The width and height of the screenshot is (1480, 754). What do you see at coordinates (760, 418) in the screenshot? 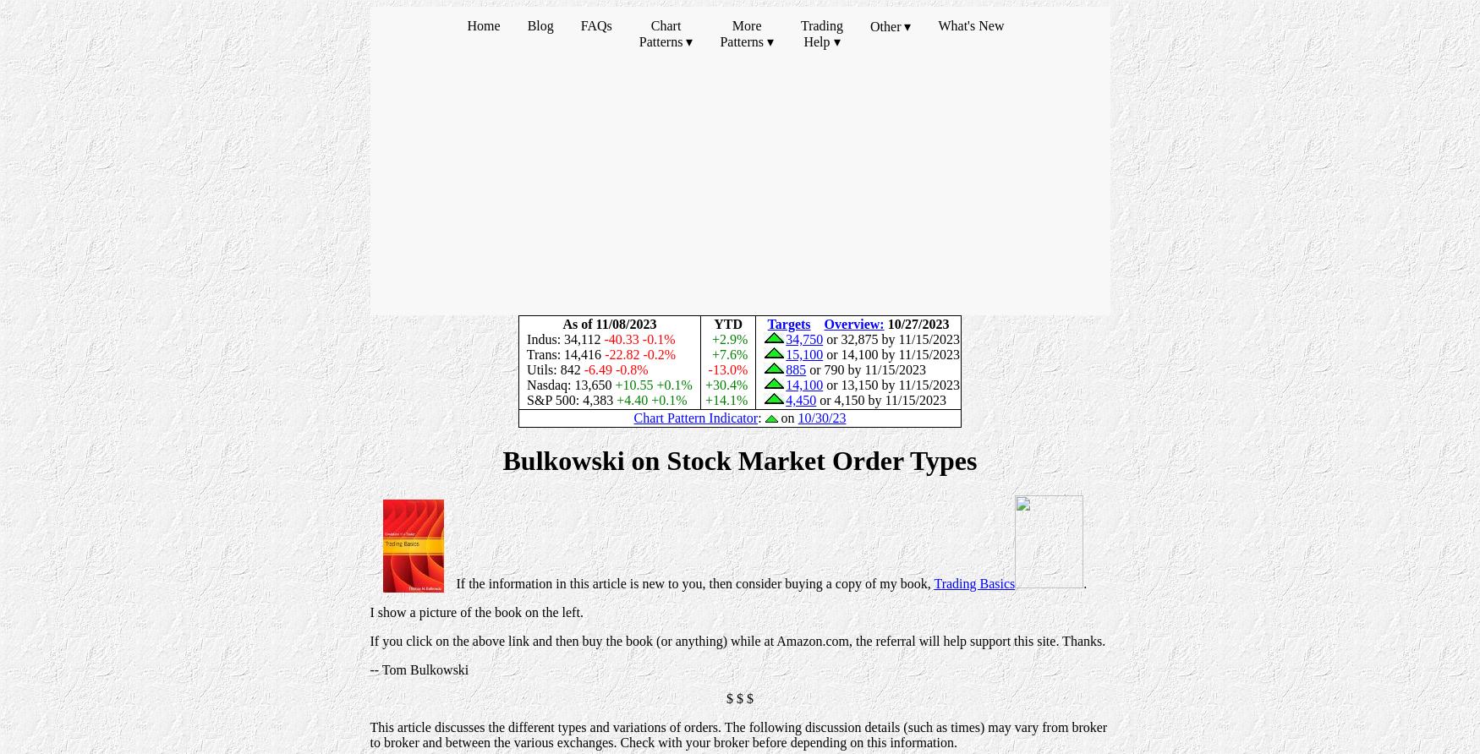
I see `':'` at bounding box center [760, 418].